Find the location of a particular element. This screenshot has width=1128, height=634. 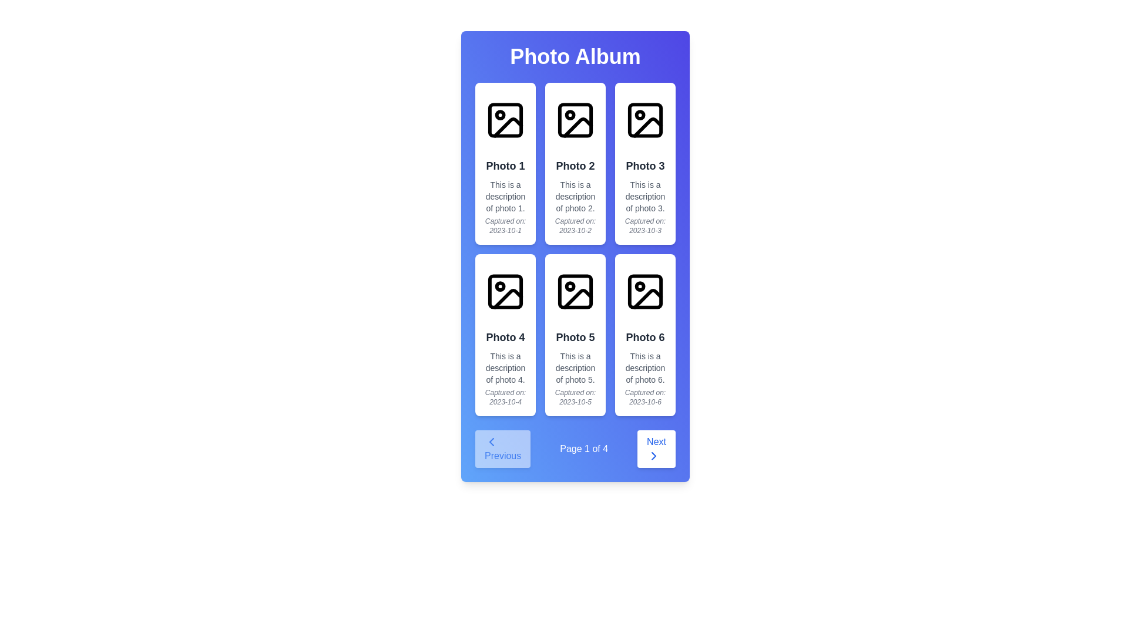

the Iconographic component, which is part of the graphic icon in the bottom-left image of the layout, featuring a diagonal line intersecting a triangular structure in black stroke style is located at coordinates (508, 298).